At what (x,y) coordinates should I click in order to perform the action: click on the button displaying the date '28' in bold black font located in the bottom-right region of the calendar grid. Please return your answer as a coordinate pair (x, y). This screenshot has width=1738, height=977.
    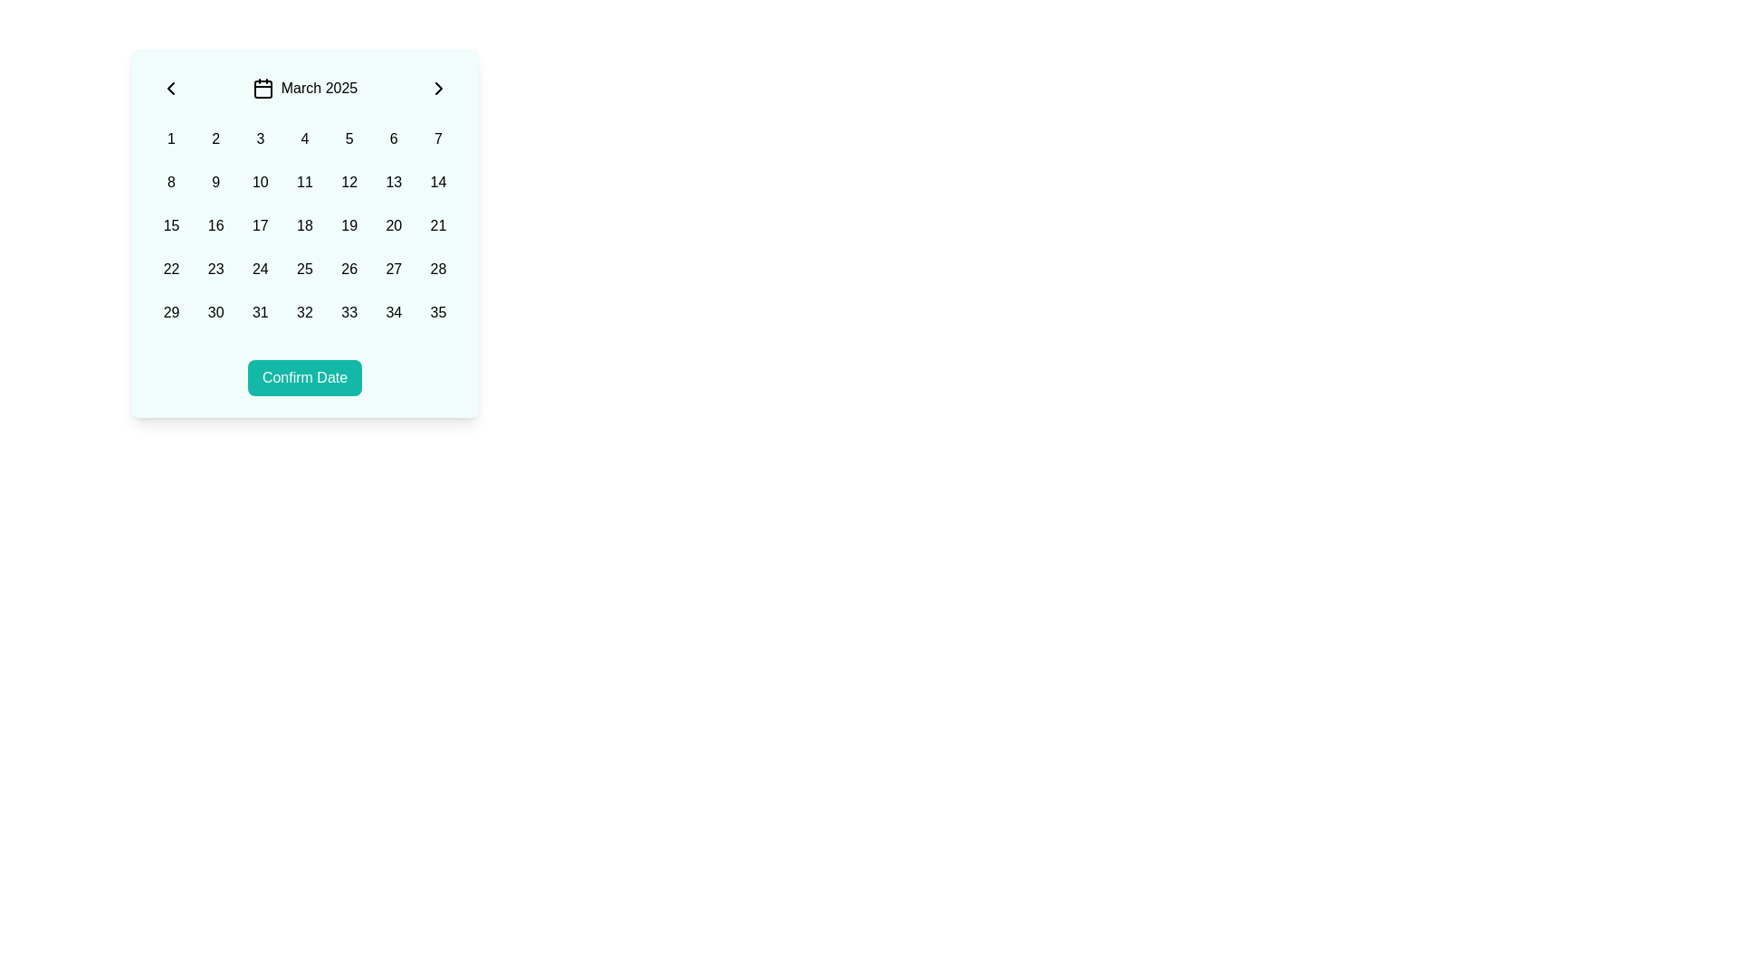
    Looking at the image, I should click on (438, 269).